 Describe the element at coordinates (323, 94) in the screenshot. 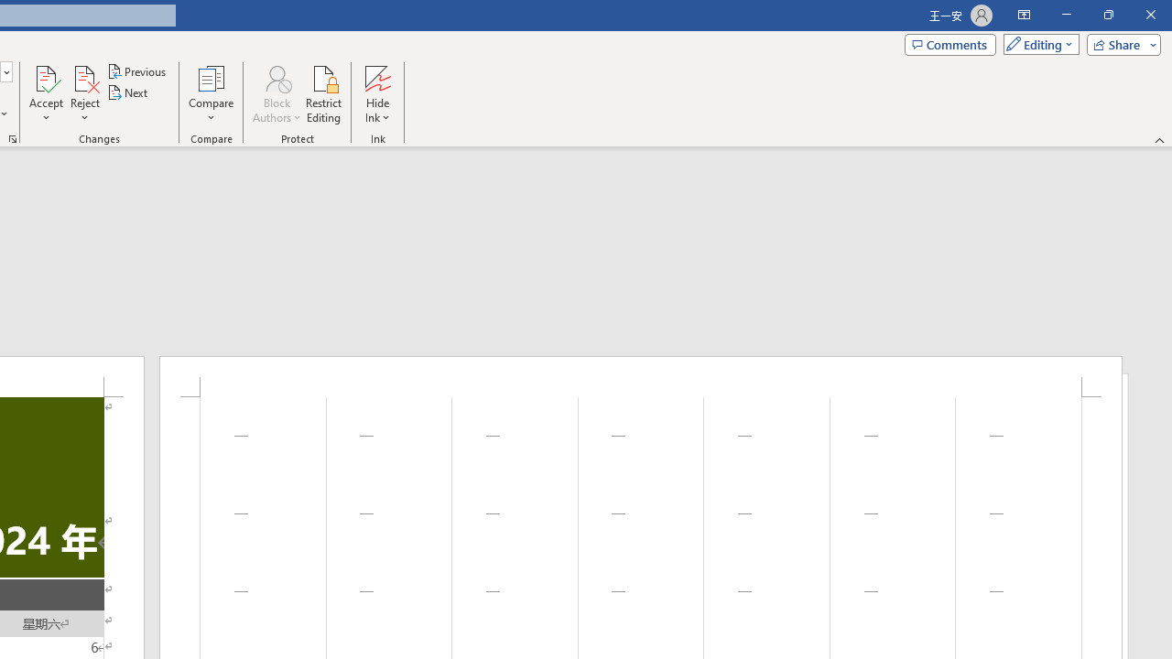

I see `'Restrict Editing'` at that location.